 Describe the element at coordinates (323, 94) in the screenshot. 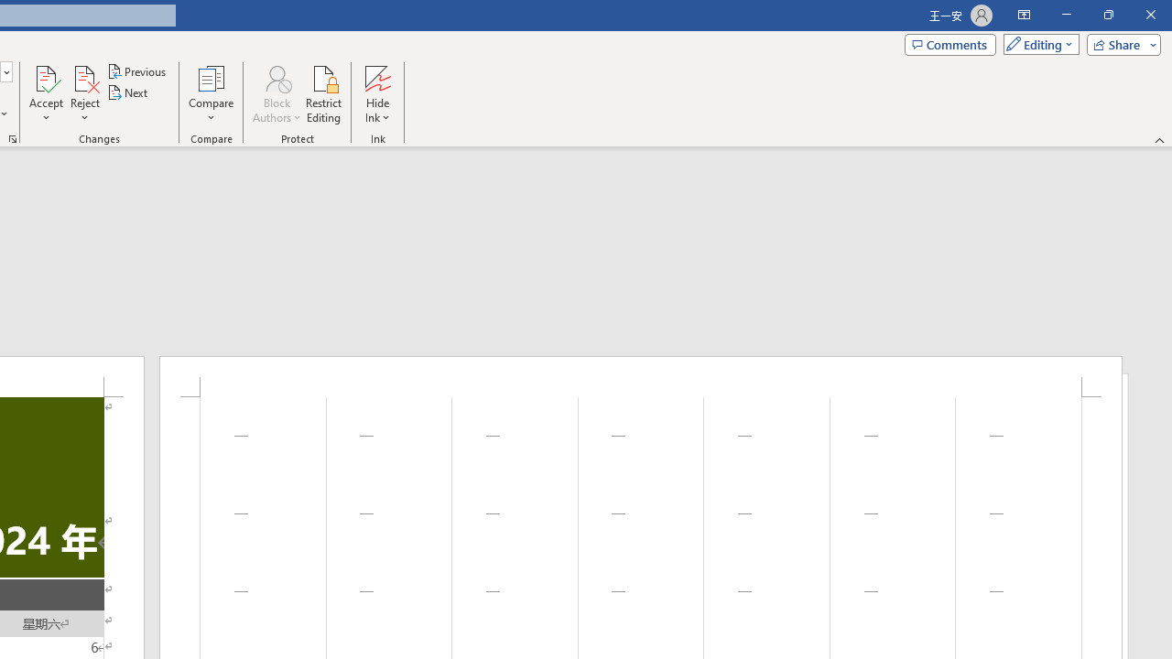

I see `'Restrict Editing'` at that location.